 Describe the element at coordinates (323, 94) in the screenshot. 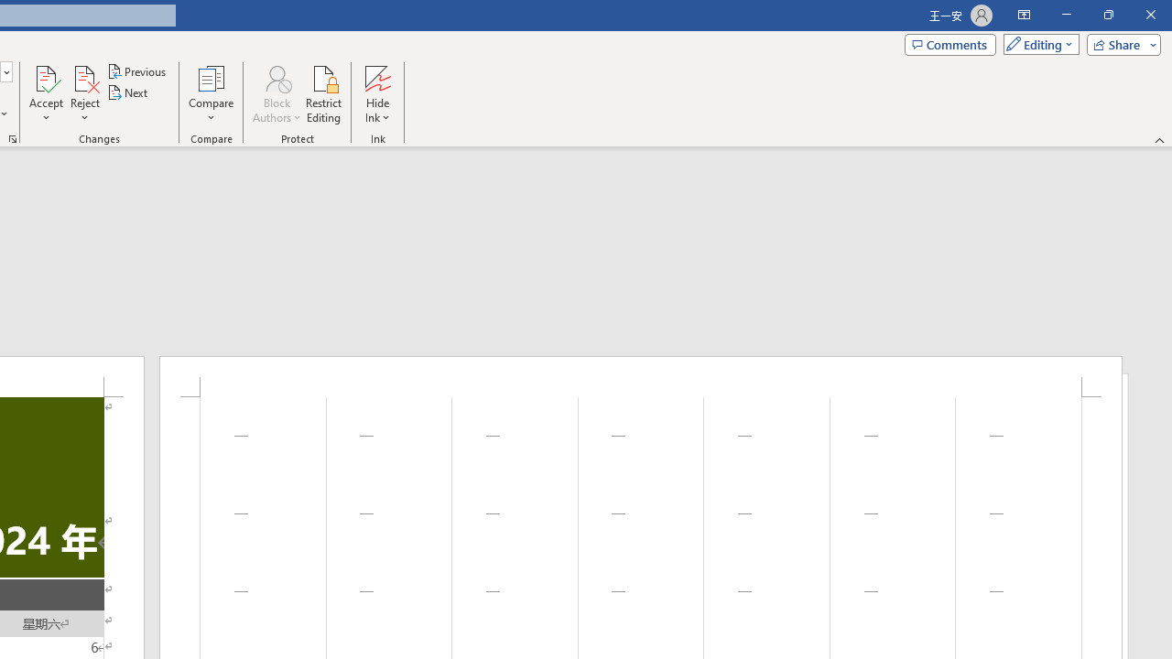

I see `'Restrict Editing'` at that location.